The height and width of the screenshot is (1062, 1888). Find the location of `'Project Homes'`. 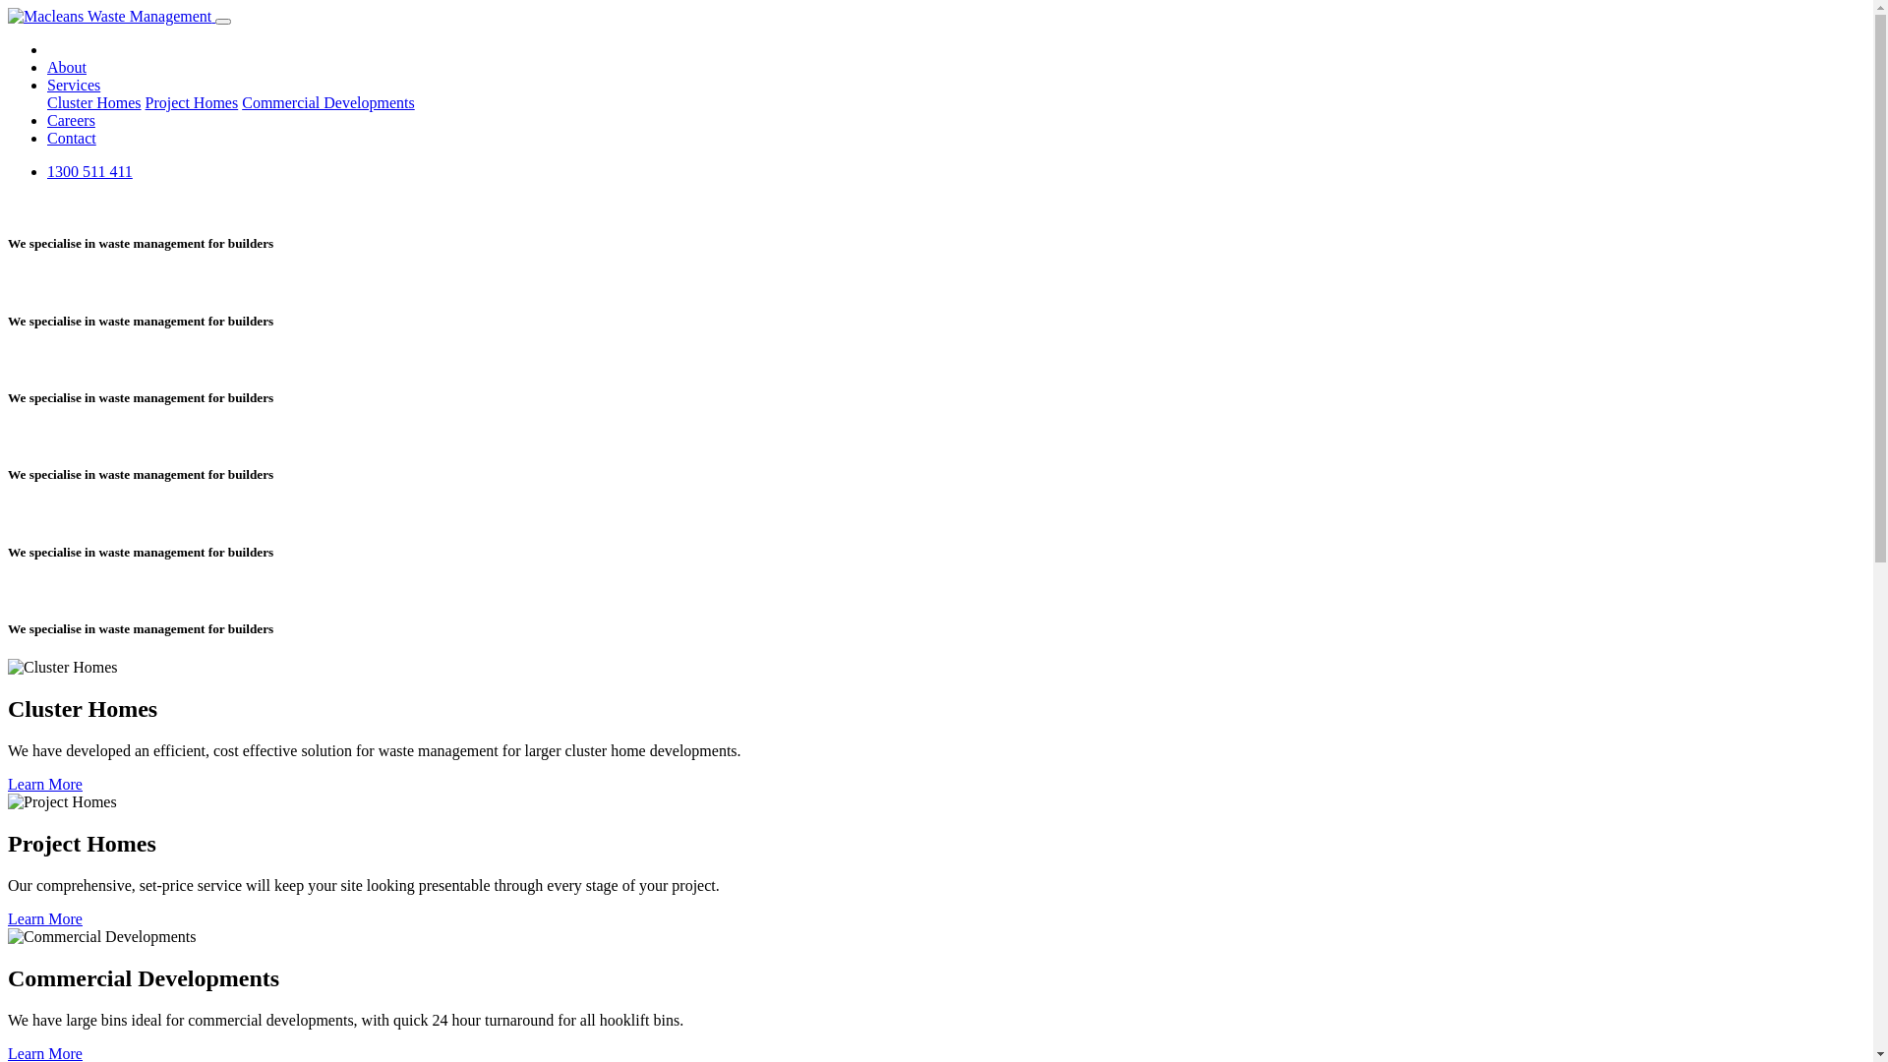

'Project Homes' is located at coordinates (192, 102).